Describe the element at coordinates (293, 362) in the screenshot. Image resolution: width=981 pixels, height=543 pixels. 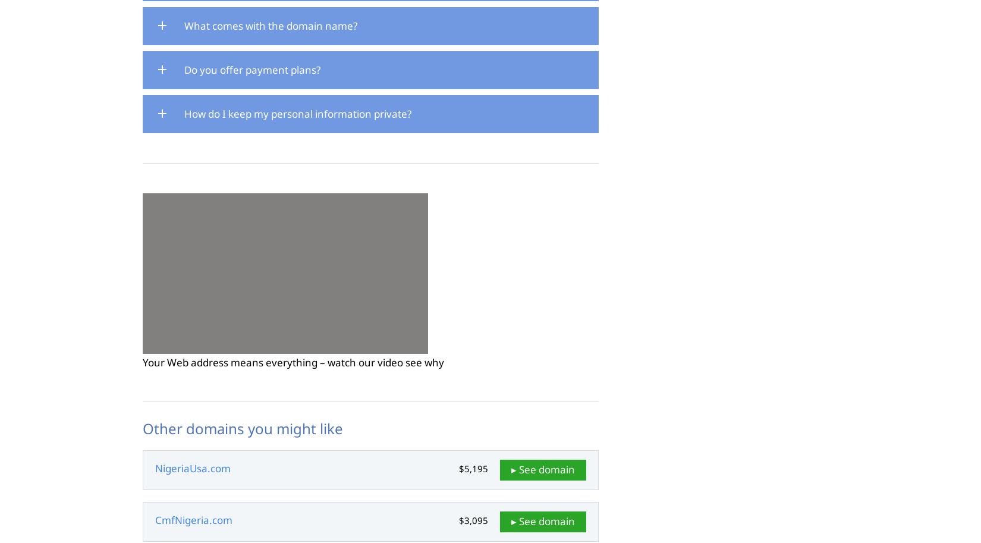
I see `'Your Web address means everything – watch our video see why'` at that location.